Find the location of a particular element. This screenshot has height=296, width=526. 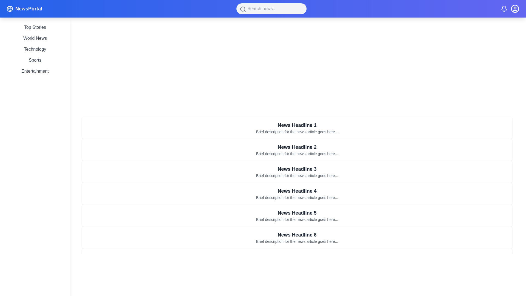

text of the bold headline styled in dark gray that reads 'News Headline 3', which is centered horizontally at the top of the third news item is located at coordinates (297, 169).